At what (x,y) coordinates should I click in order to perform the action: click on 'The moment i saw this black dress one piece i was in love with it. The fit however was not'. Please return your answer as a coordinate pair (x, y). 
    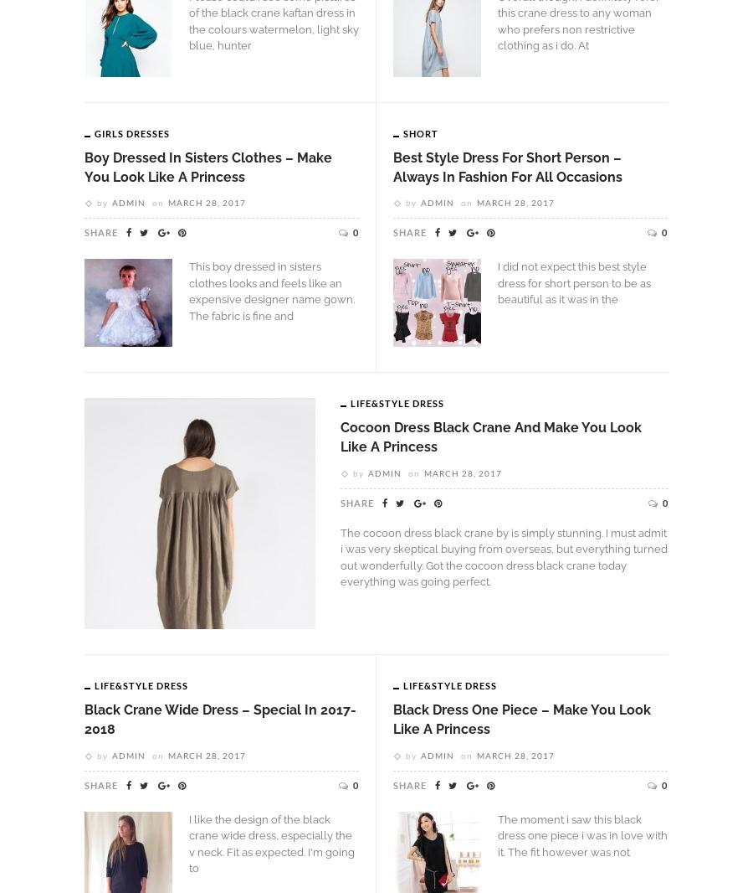
    Looking at the image, I should click on (581, 835).